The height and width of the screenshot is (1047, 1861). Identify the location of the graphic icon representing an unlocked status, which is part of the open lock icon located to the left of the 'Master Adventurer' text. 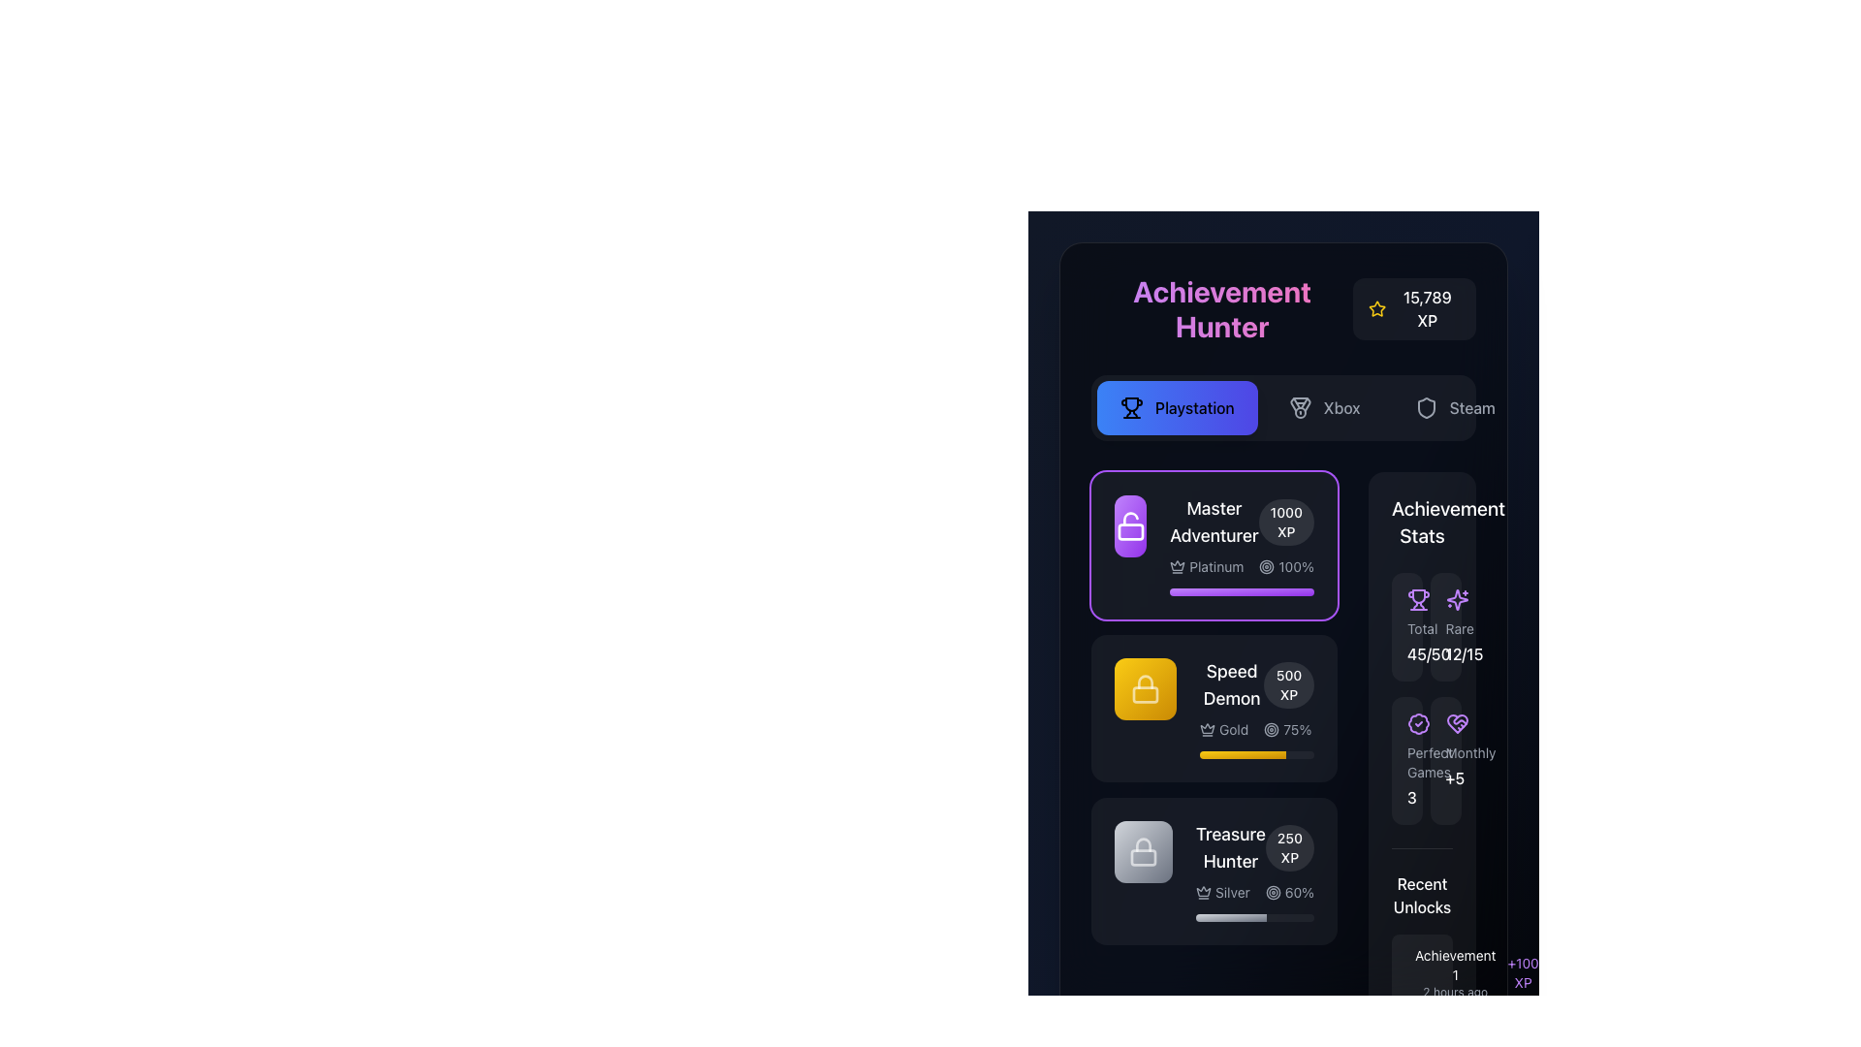
(1130, 531).